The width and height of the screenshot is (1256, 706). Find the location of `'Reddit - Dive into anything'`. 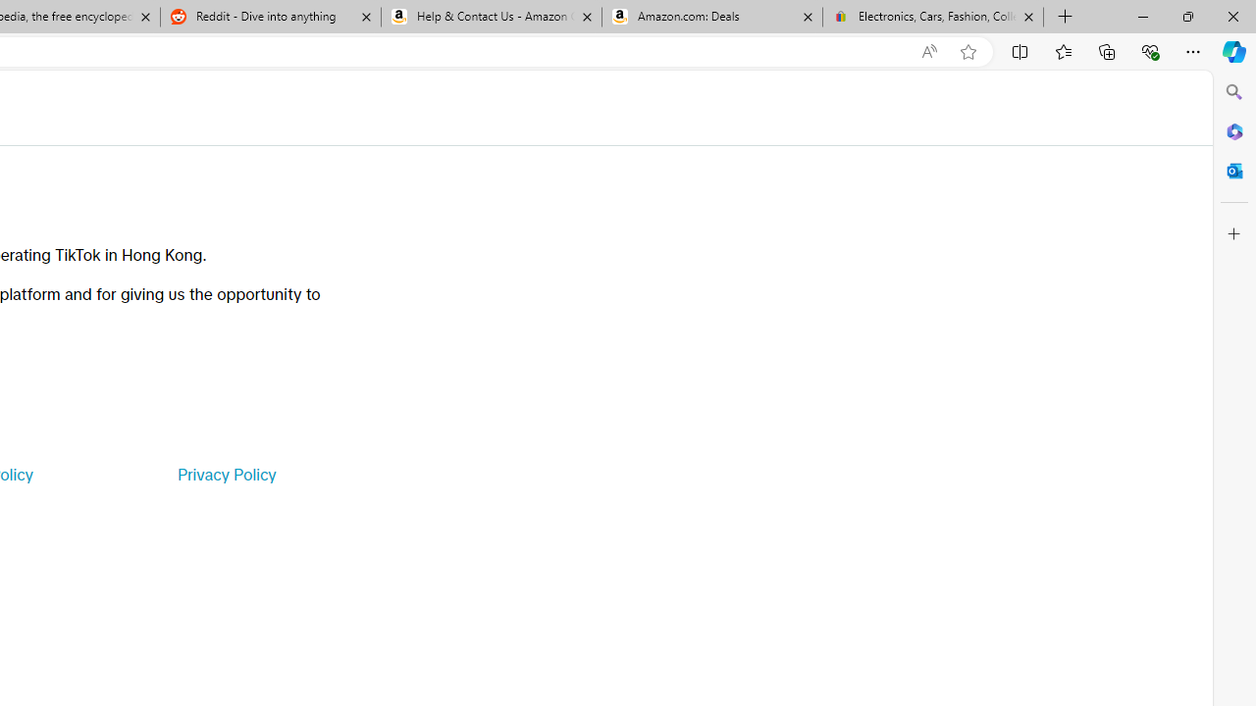

'Reddit - Dive into anything' is located at coordinates (269, 17).